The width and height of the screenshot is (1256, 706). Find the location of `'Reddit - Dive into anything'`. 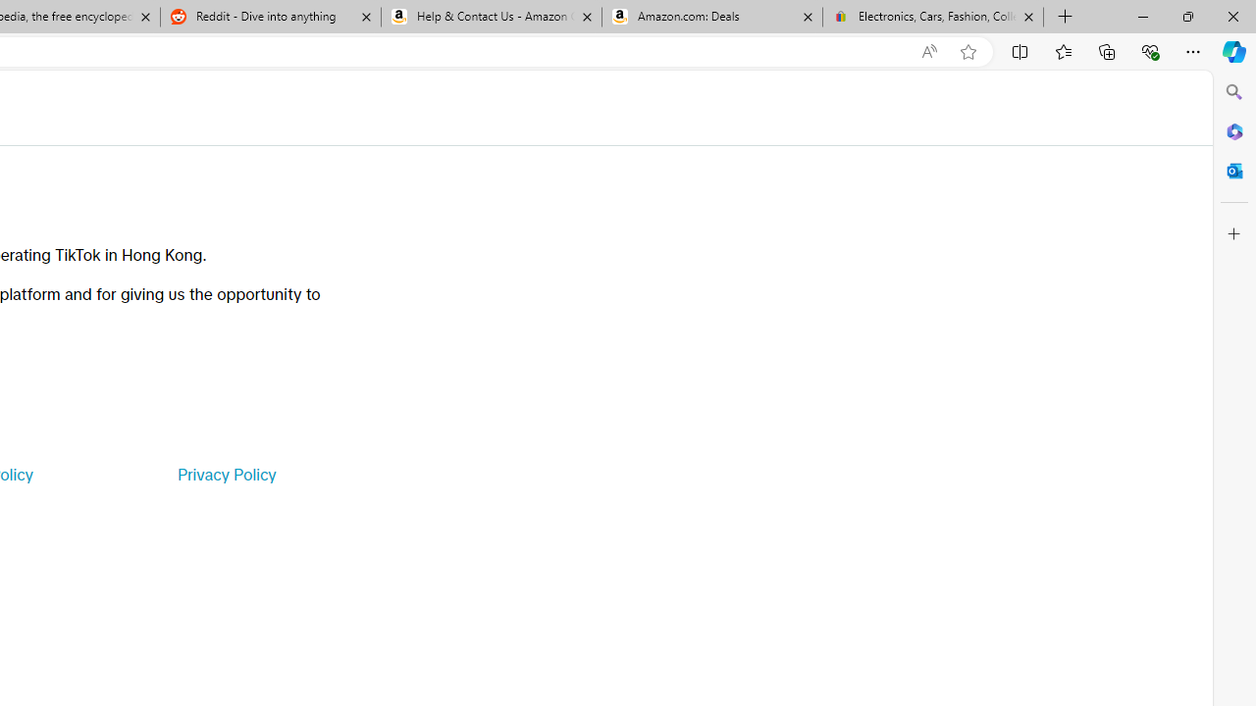

'Reddit - Dive into anything' is located at coordinates (269, 17).